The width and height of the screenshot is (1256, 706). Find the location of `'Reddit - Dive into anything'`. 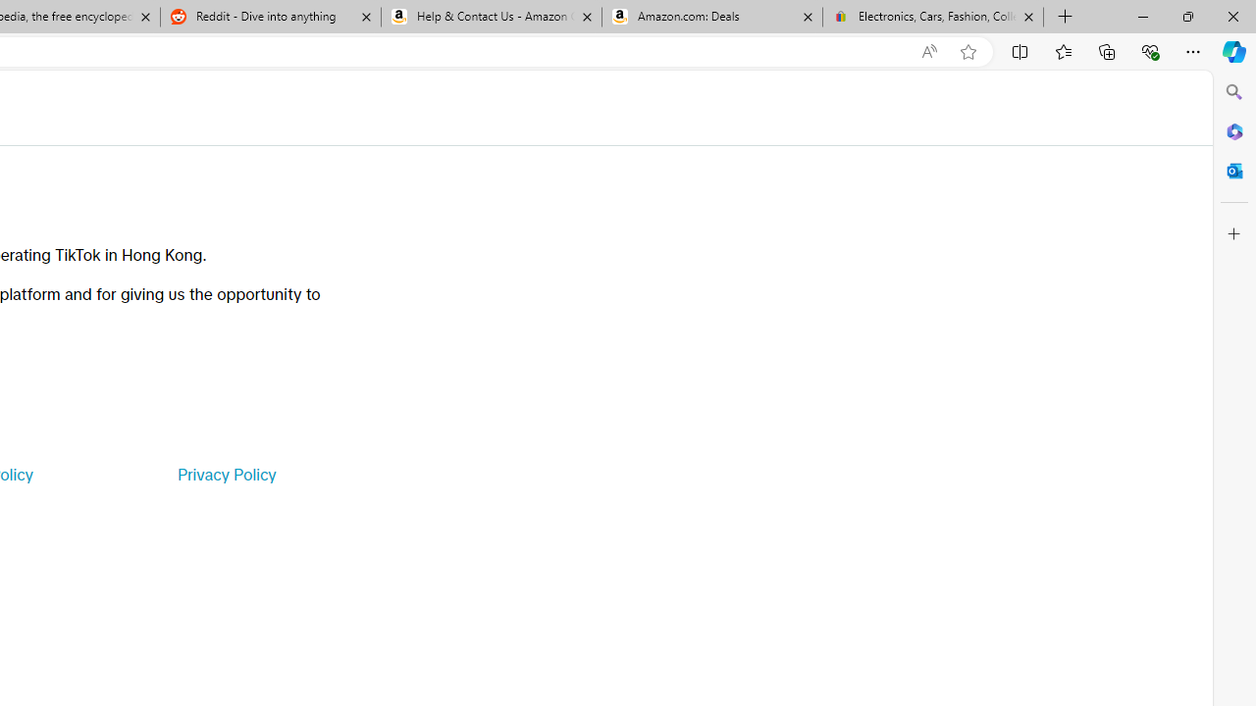

'Reddit - Dive into anything' is located at coordinates (269, 17).